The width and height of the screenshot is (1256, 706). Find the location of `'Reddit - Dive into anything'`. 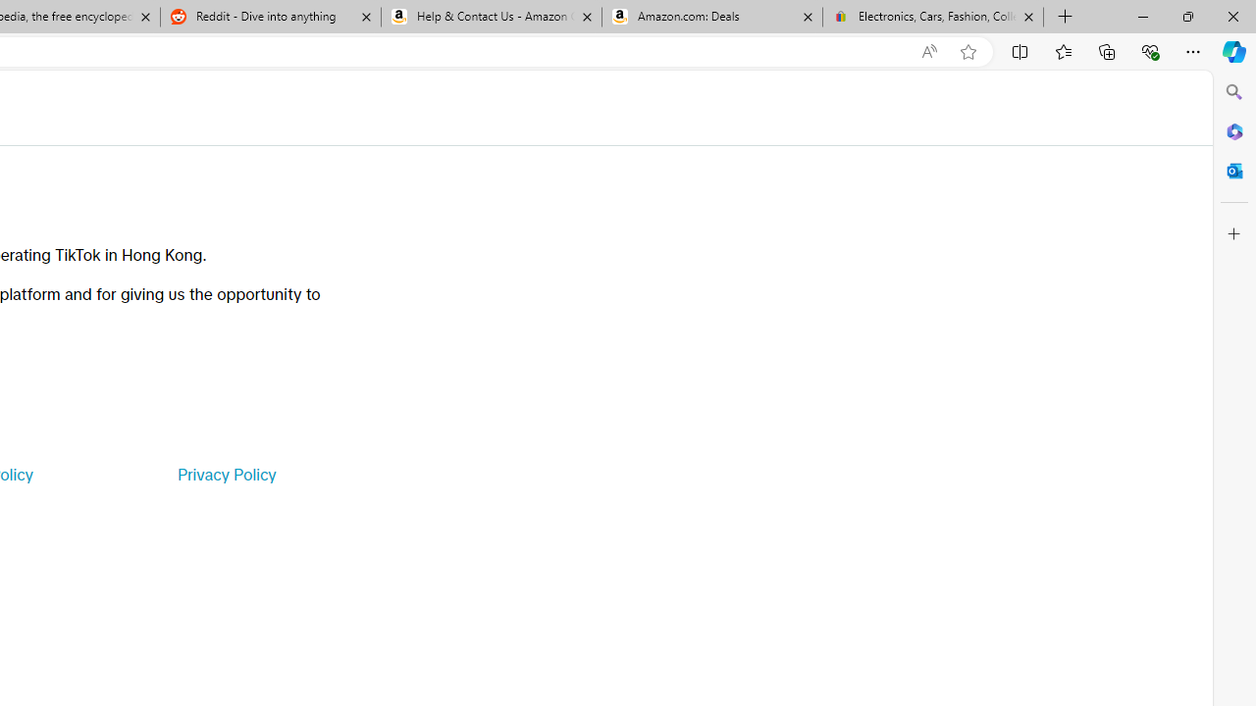

'Reddit - Dive into anything' is located at coordinates (269, 17).